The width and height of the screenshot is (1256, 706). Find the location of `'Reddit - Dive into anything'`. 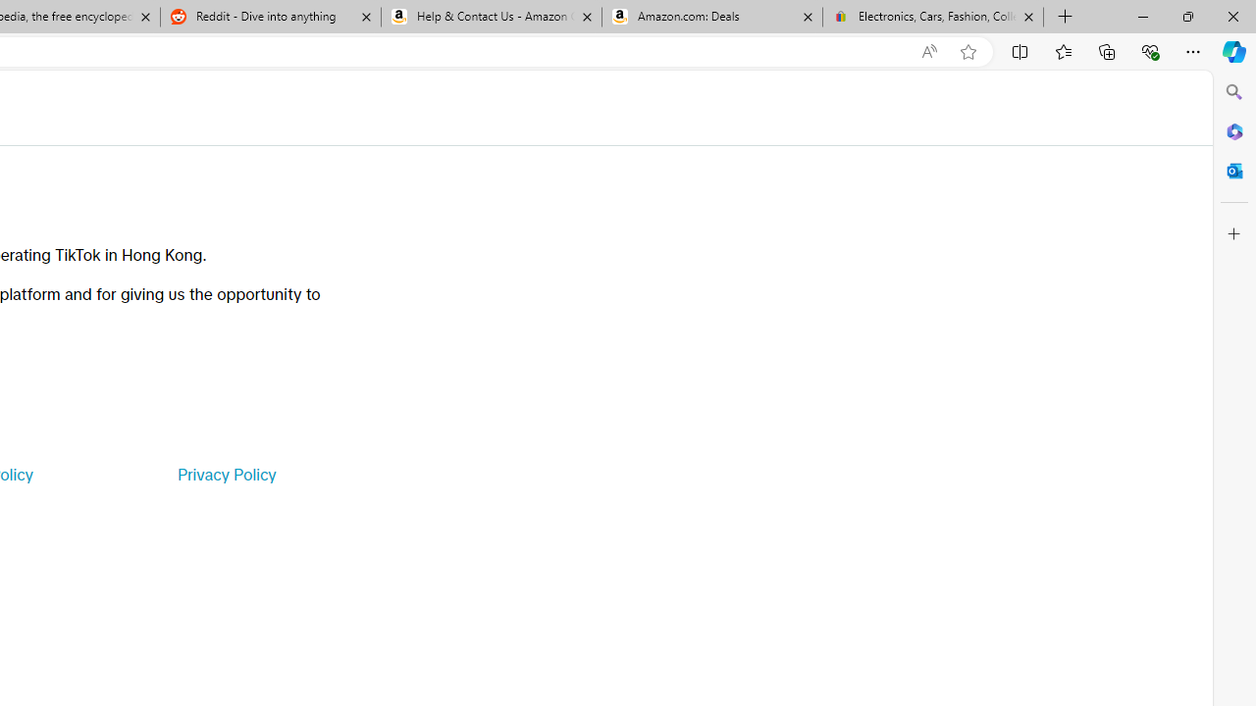

'Reddit - Dive into anything' is located at coordinates (269, 17).